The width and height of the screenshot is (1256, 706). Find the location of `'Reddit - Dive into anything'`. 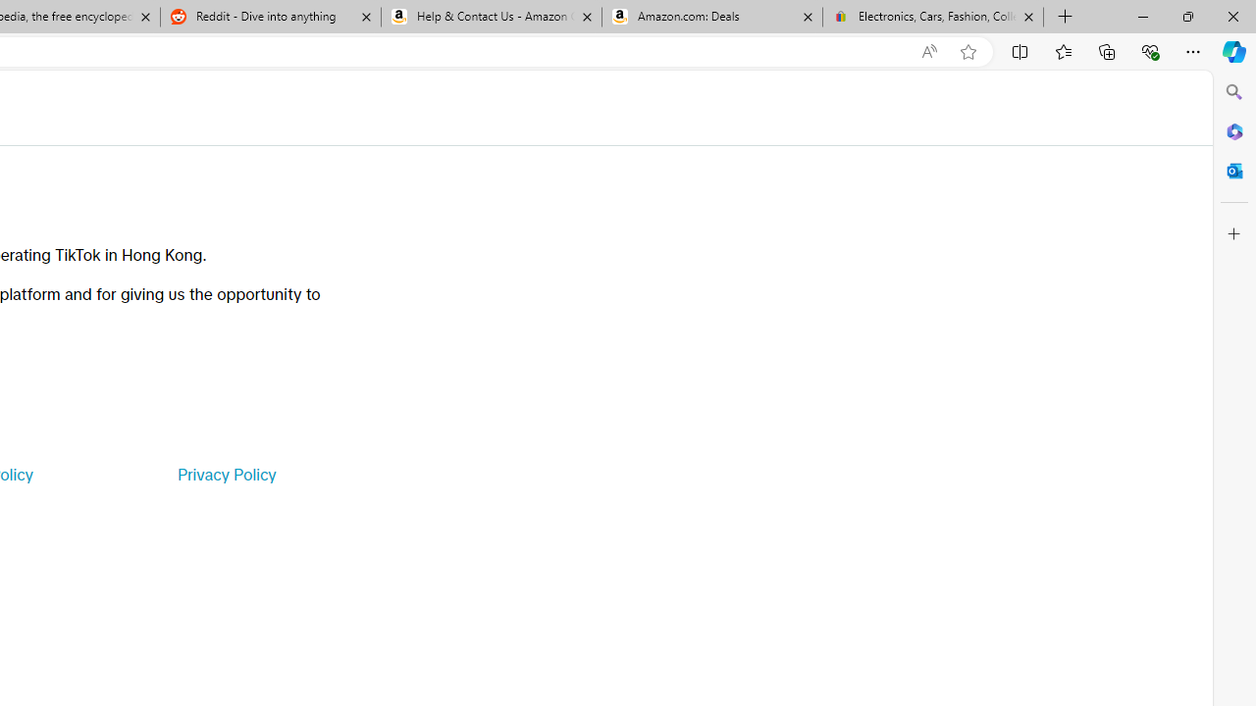

'Reddit - Dive into anything' is located at coordinates (269, 17).